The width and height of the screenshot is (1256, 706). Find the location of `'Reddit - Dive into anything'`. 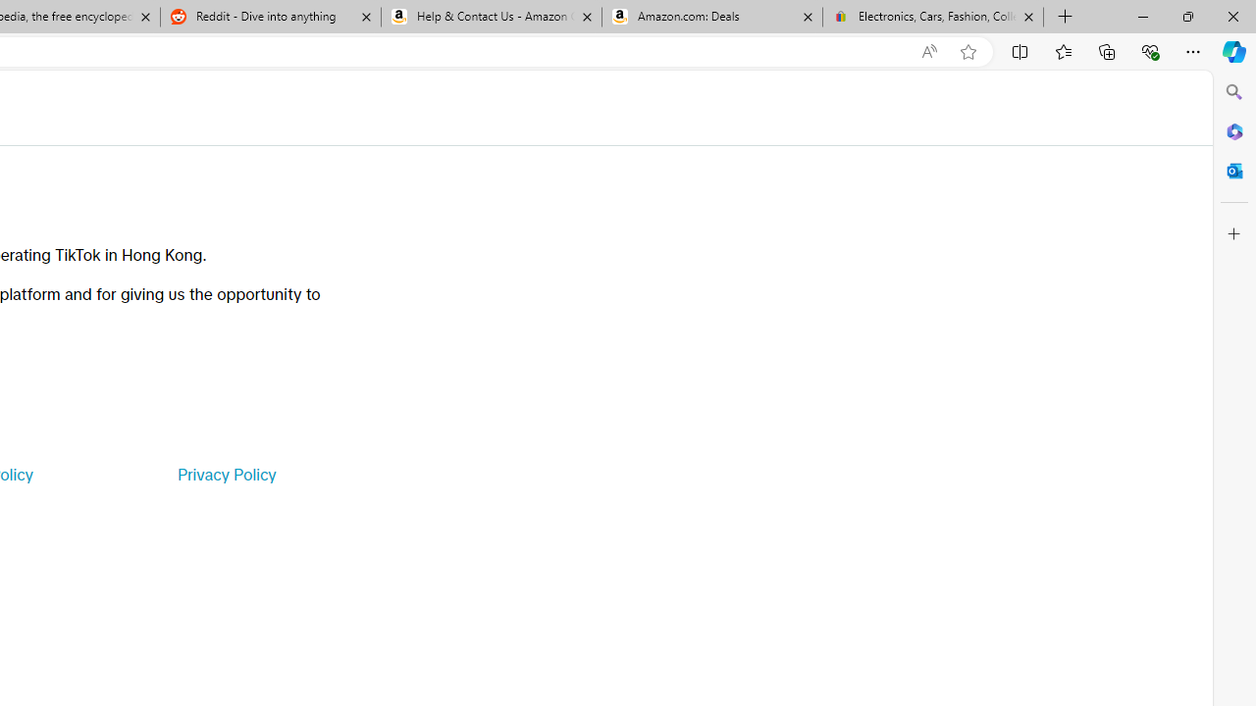

'Reddit - Dive into anything' is located at coordinates (269, 17).